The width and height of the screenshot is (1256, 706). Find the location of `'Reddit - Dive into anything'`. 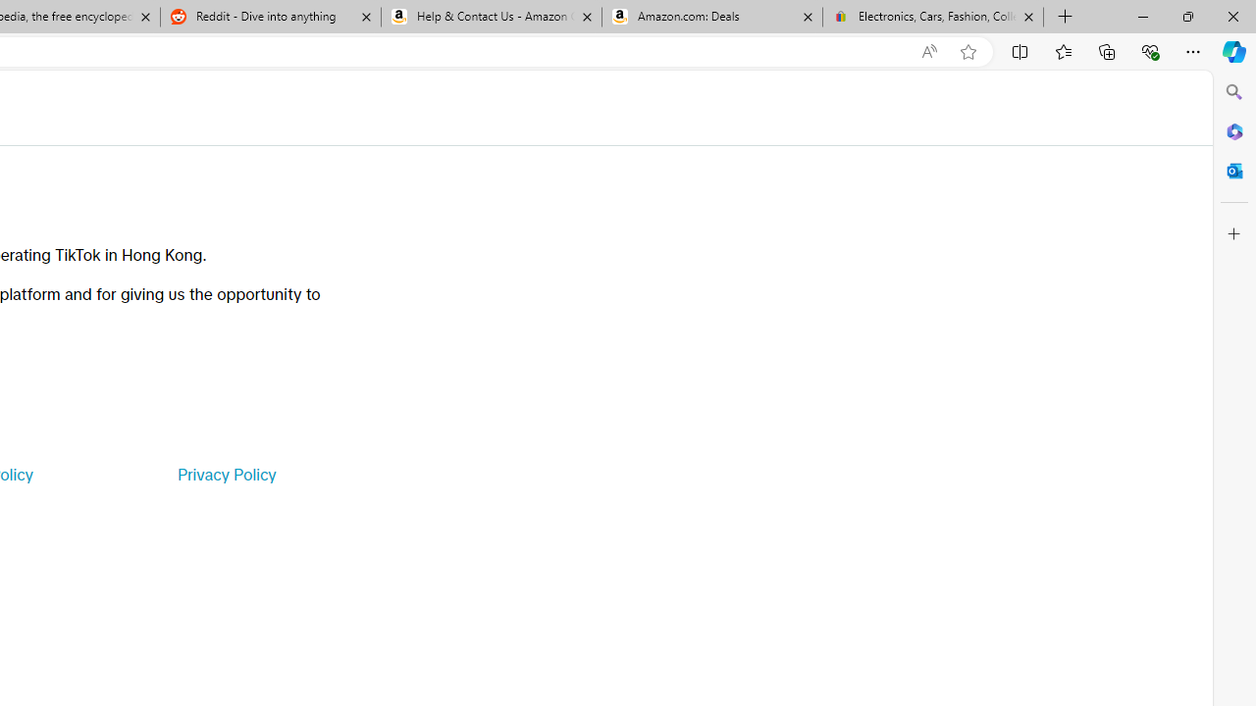

'Reddit - Dive into anything' is located at coordinates (269, 17).